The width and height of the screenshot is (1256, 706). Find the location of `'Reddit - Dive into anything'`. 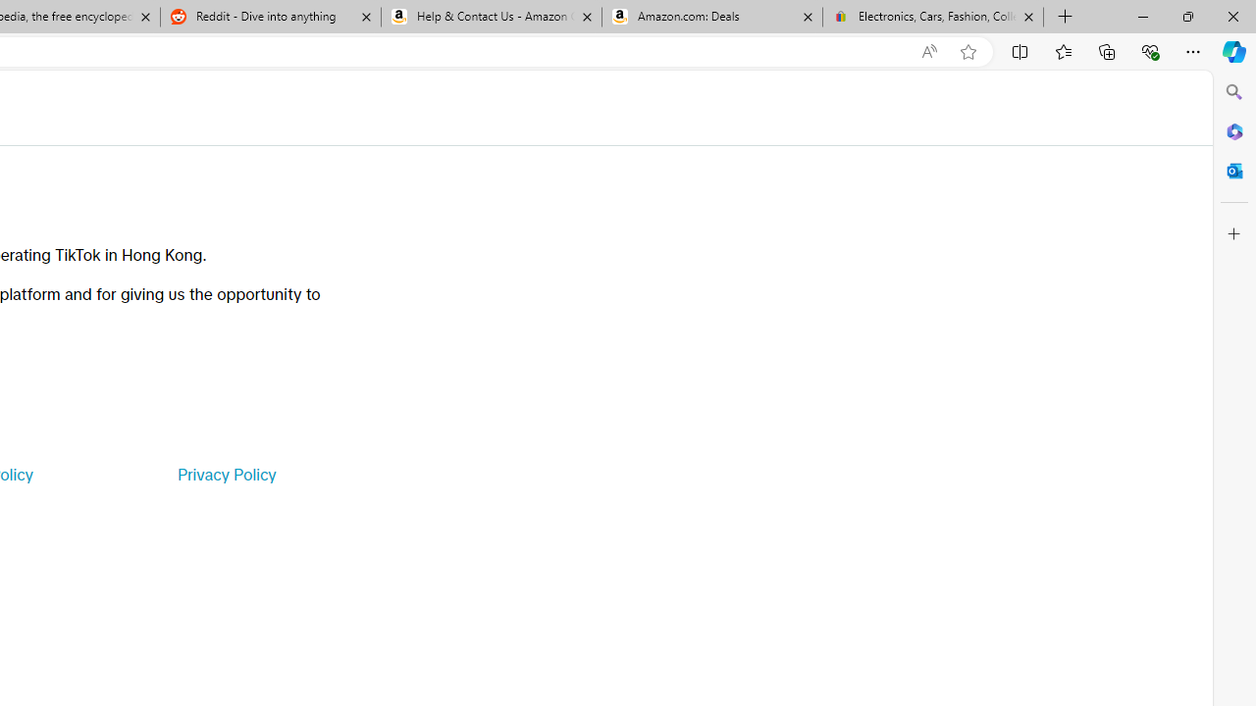

'Reddit - Dive into anything' is located at coordinates (269, 17).